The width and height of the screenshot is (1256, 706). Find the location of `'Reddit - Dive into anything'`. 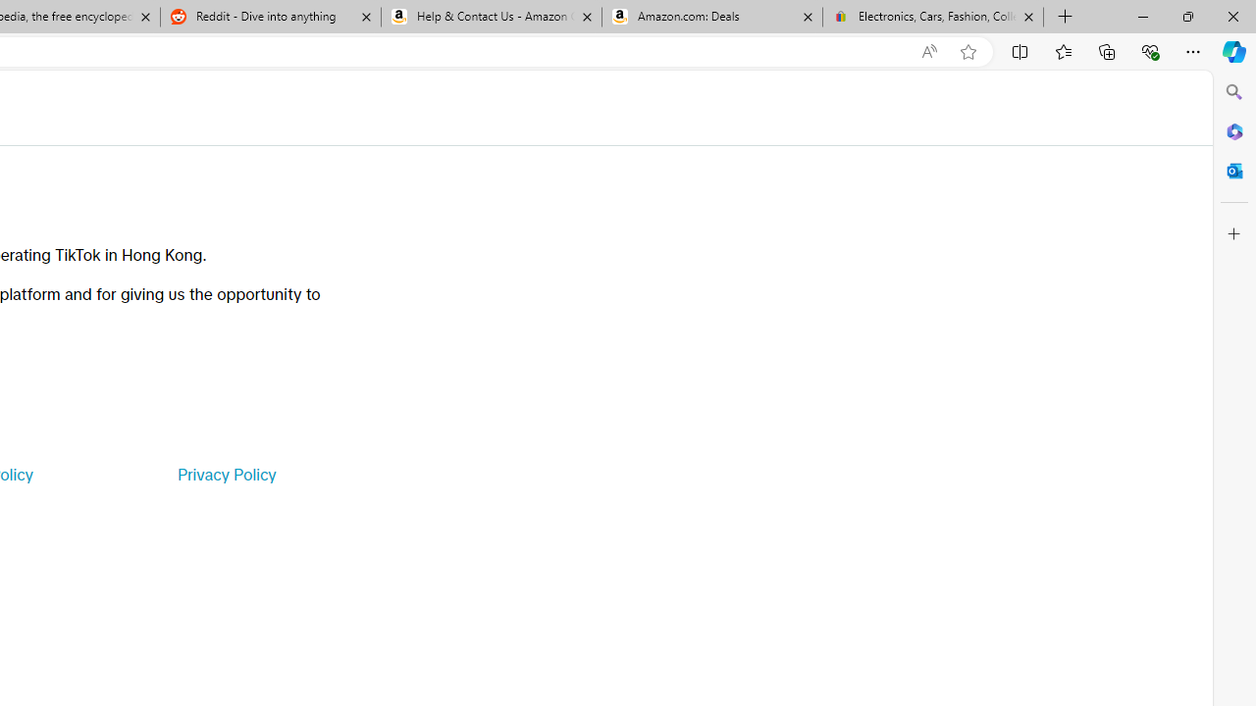

'Reddit - Dive into anything' is located at coordinates (269, 17).